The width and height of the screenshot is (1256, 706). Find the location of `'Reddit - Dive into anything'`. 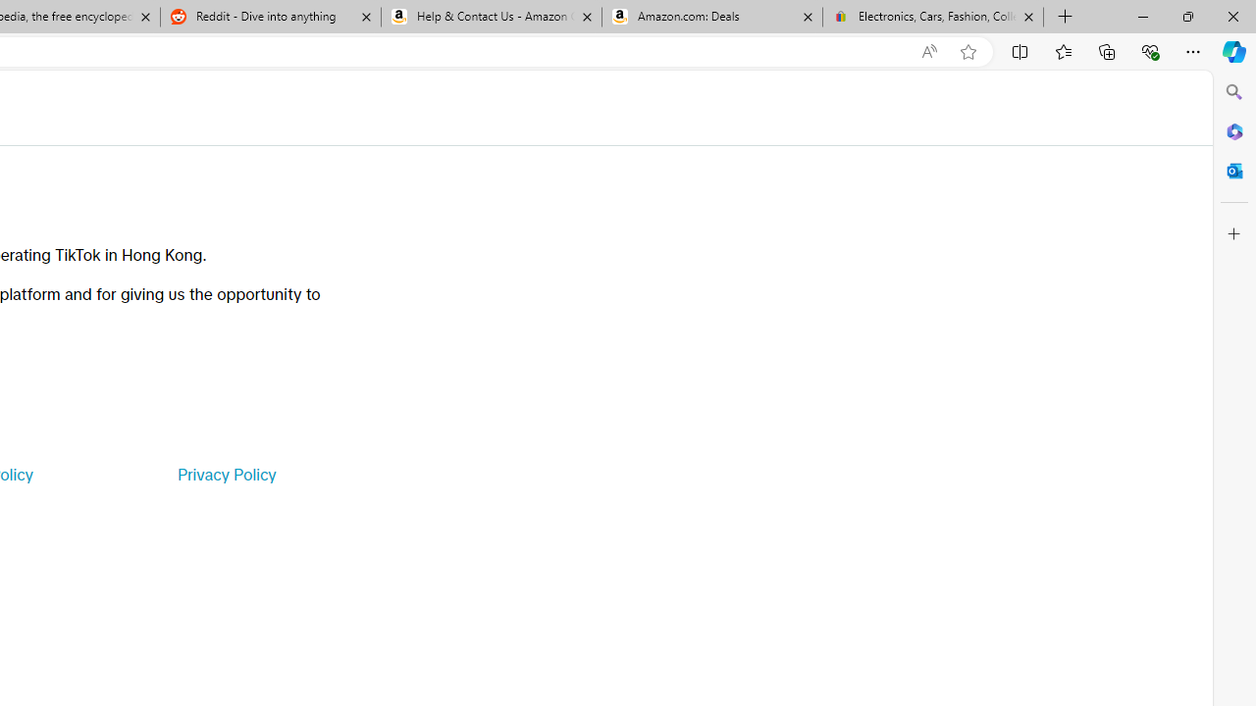

'Reddit - Dive into anything' is located at coordinates (269, 17).